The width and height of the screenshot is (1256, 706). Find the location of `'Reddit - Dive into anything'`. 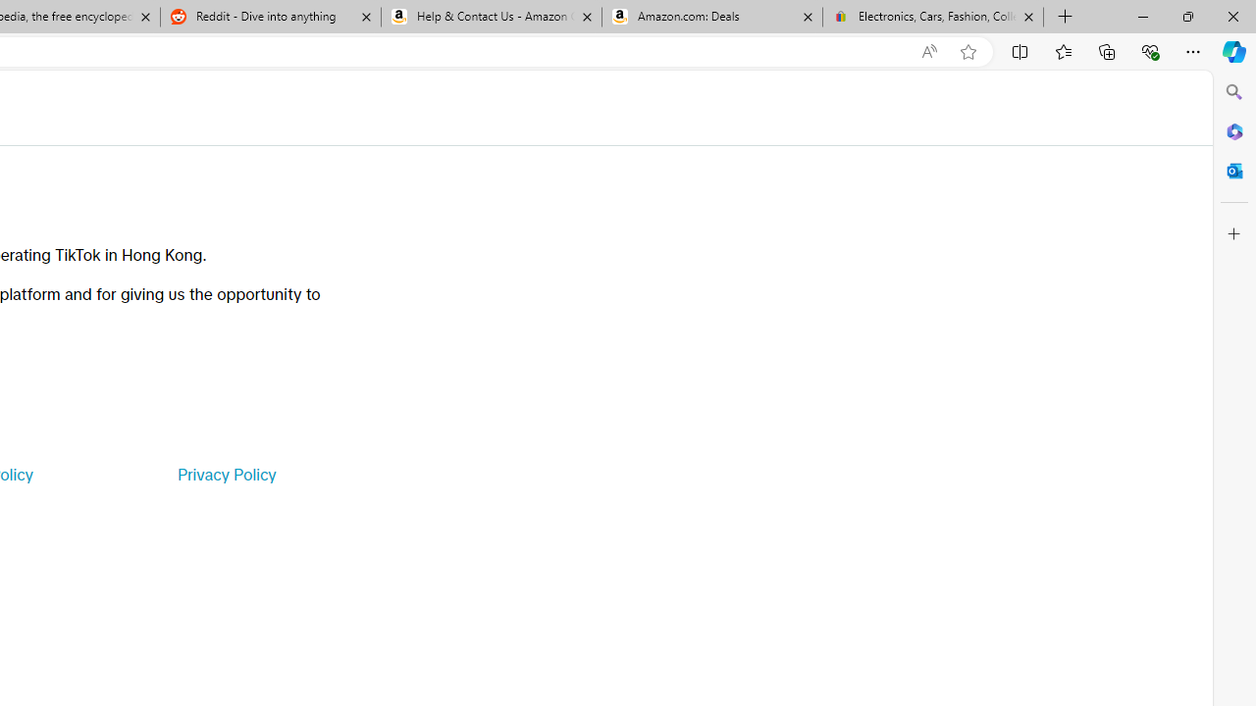

'Reddit - Dive into anything' is located at coordinates (269, 17).